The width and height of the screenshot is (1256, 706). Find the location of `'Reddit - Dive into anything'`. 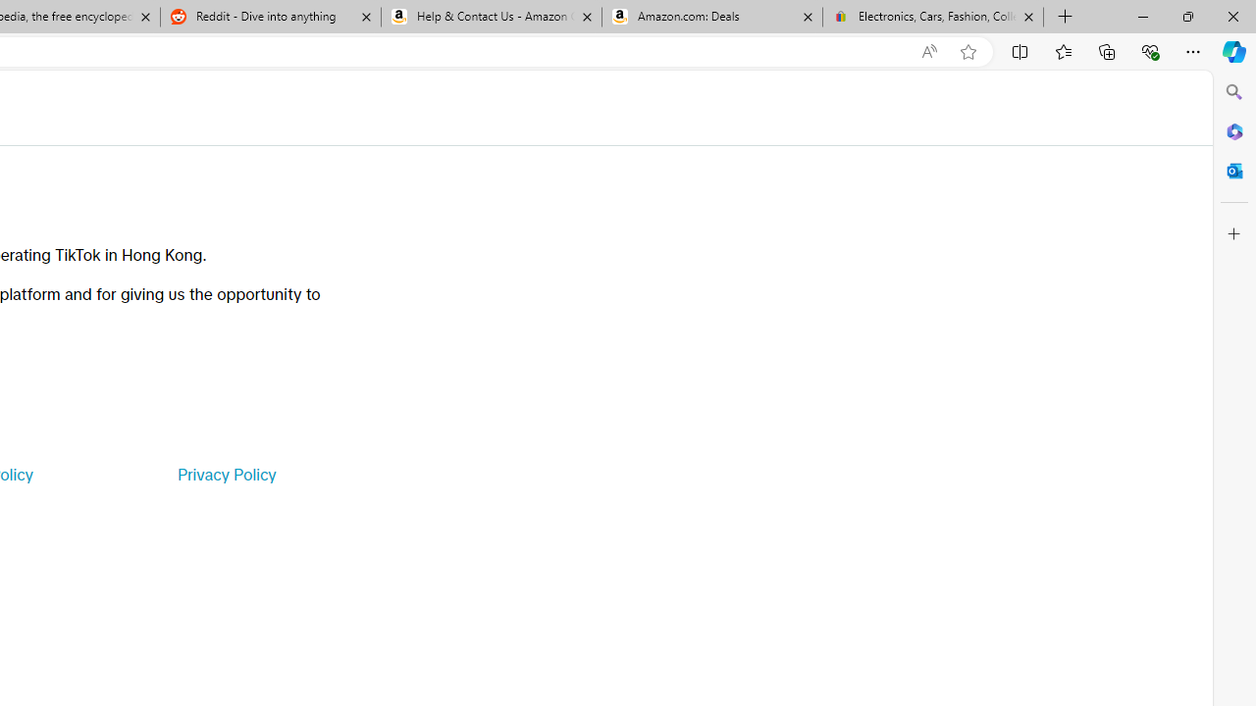

'Reddit - Dive into anything' is located at coordinates (269, 17).